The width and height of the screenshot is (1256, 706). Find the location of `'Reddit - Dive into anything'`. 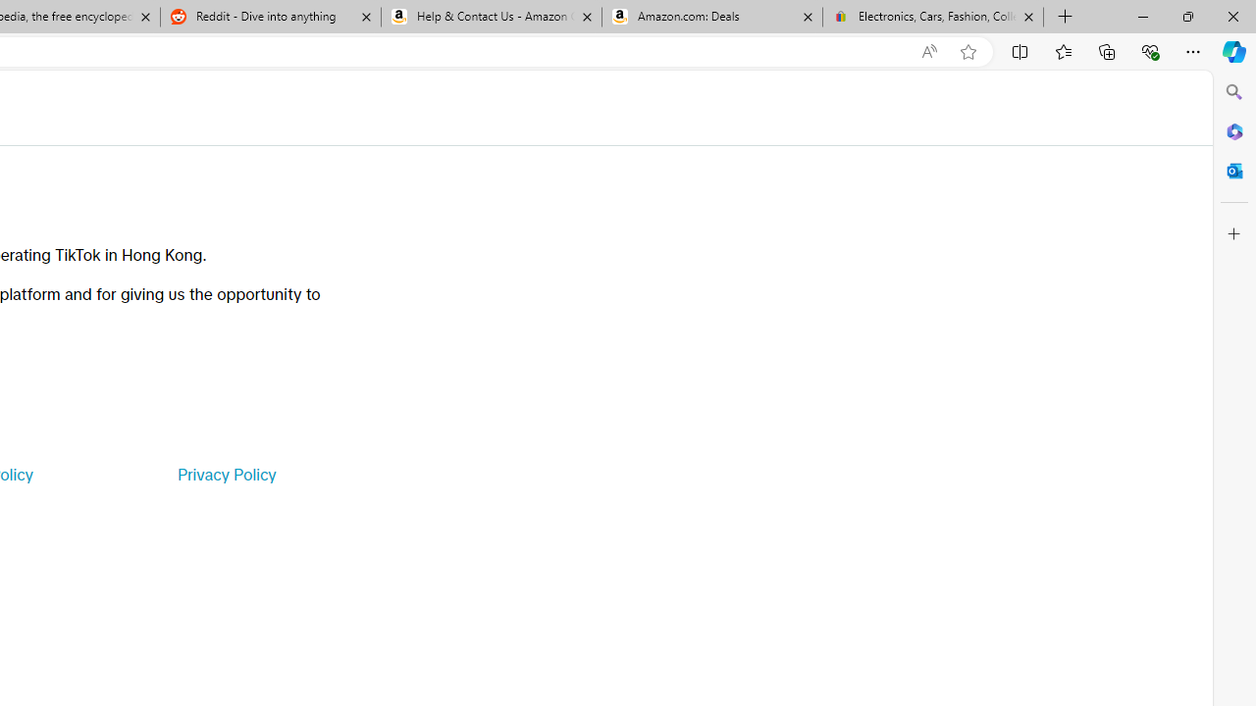

'Reddit - Dive into anything' is located at coordinates (269, 17).